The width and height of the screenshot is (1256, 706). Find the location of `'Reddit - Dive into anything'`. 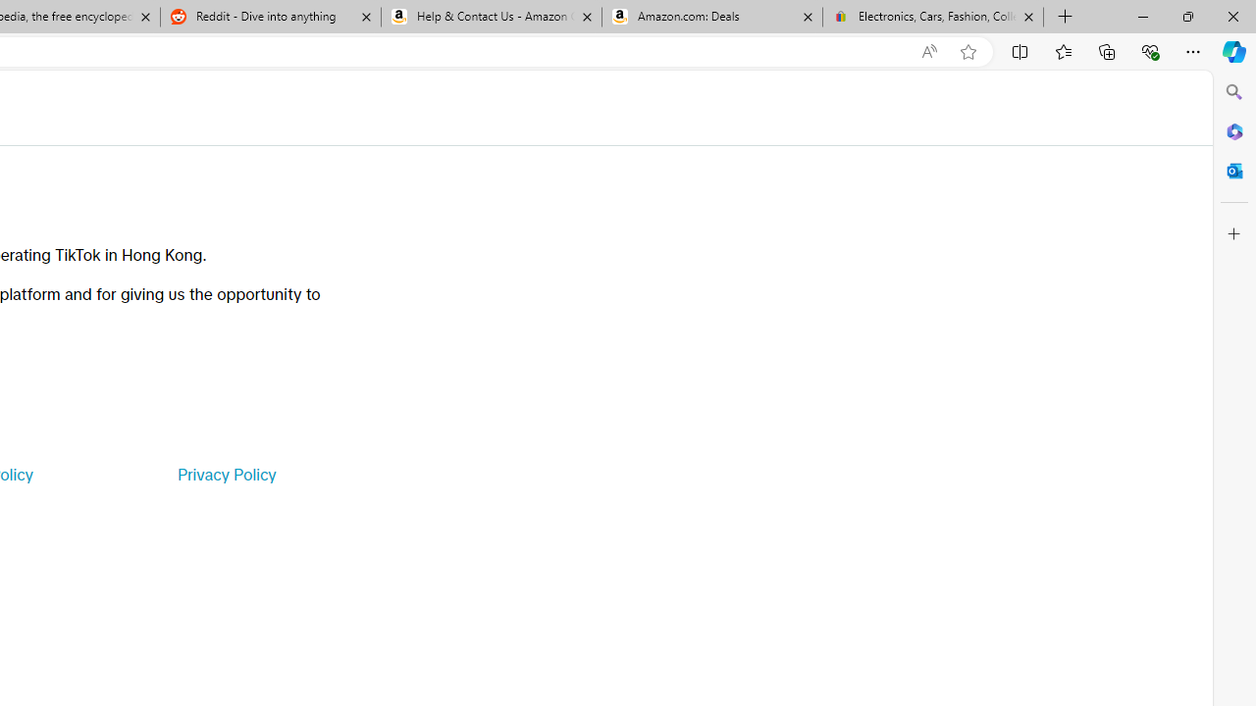

'Reddit - Dive into anything' is located at coordinates (269, 17).